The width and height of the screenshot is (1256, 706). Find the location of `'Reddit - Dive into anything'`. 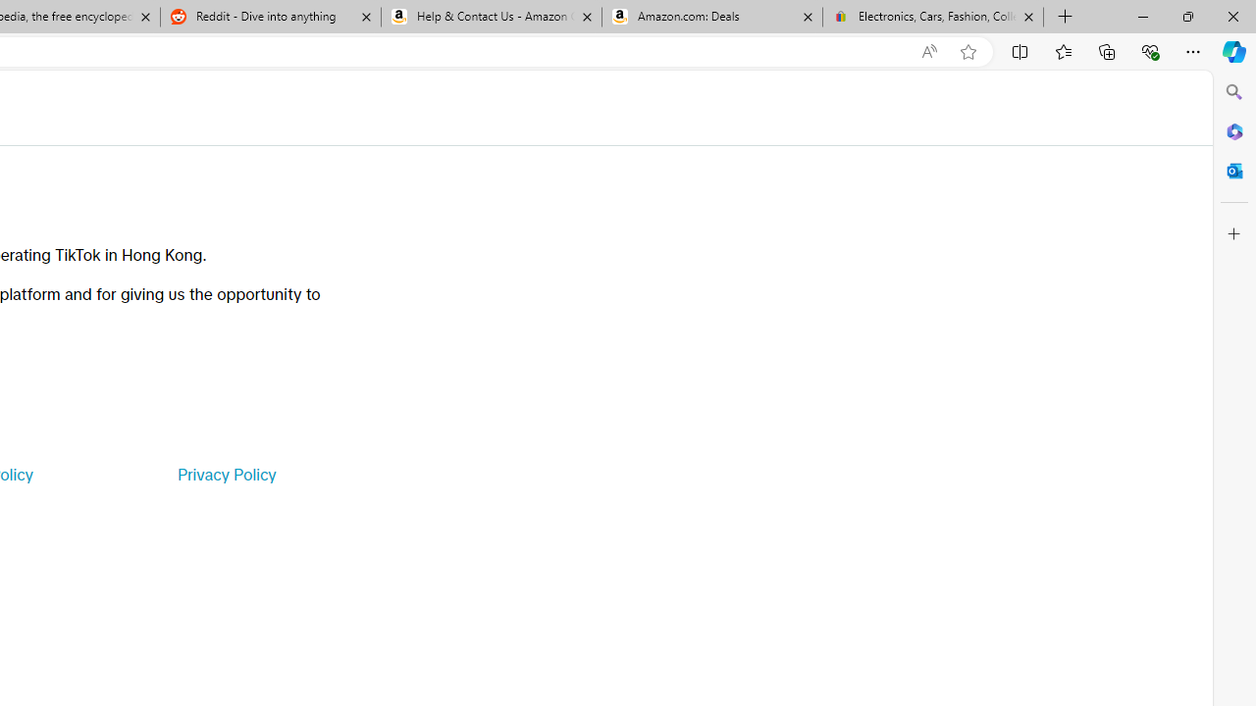

'Reddit - Dive into anything' is located at coordinates (269, 17).